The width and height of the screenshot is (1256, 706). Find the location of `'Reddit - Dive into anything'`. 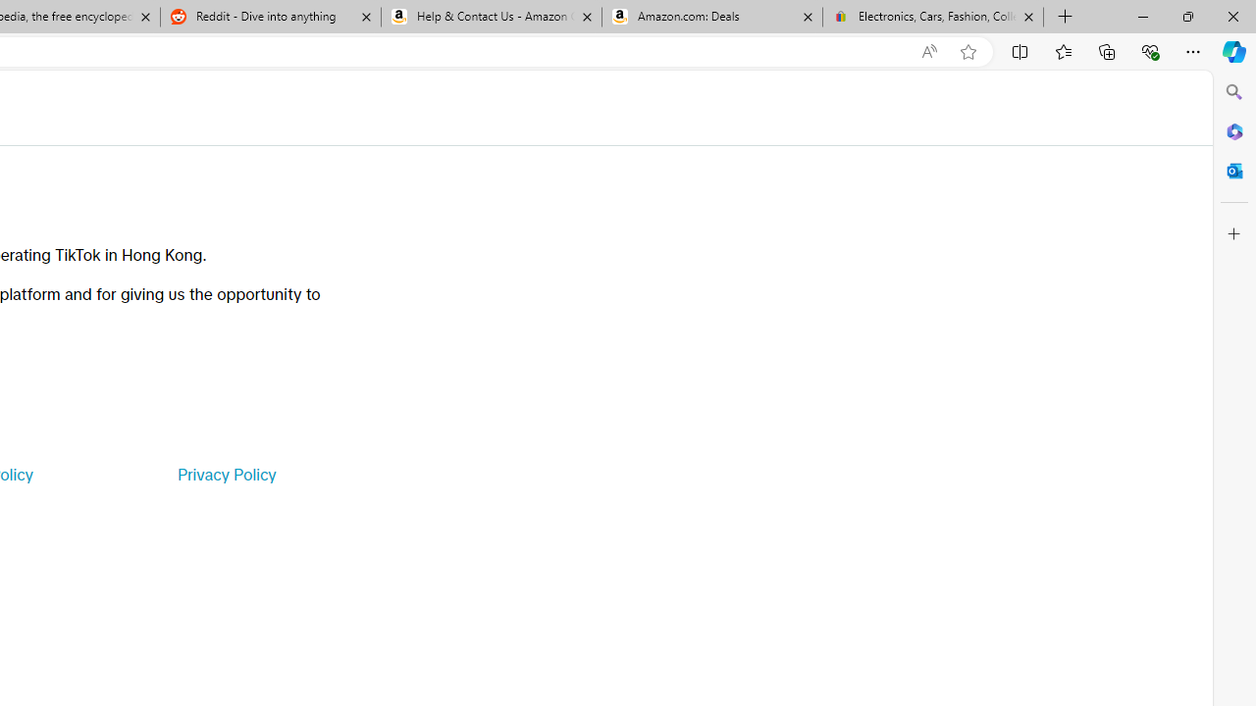

'Reddit - Dive into anything' is located at coordinates (269, 17).